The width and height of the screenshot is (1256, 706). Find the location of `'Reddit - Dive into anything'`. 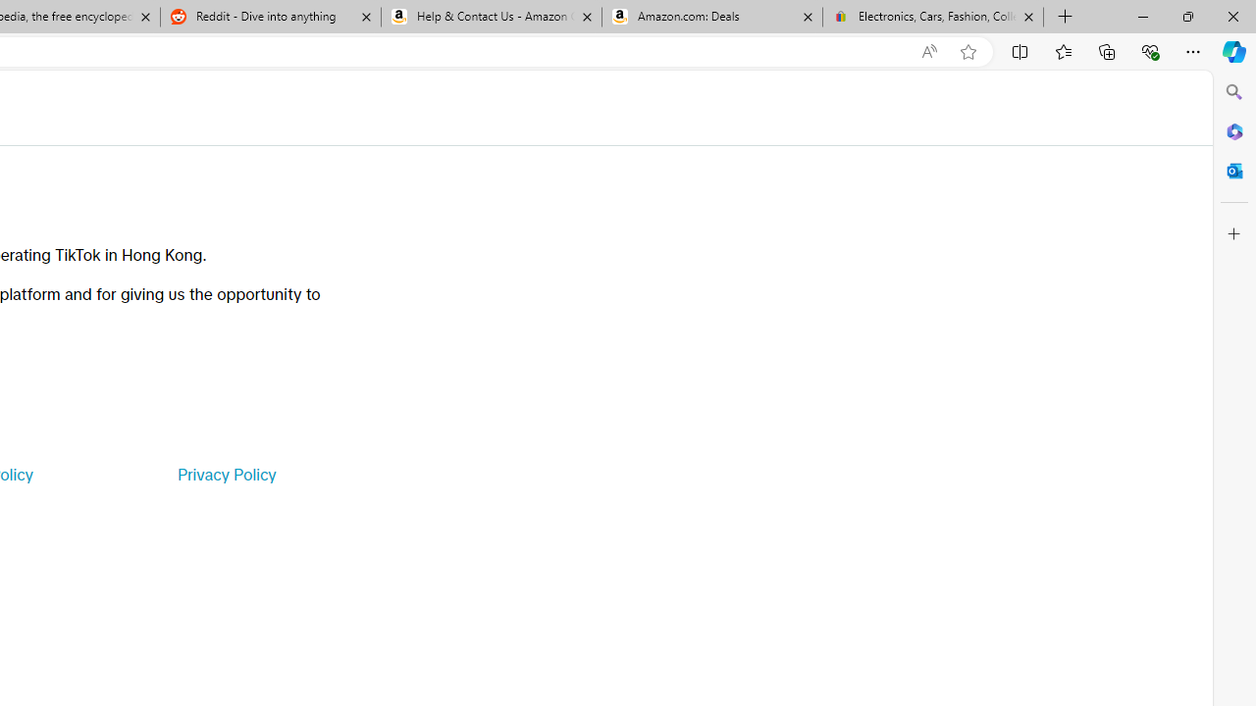

'Reddit - Dive into anything' is located at coordinates (269, 17).